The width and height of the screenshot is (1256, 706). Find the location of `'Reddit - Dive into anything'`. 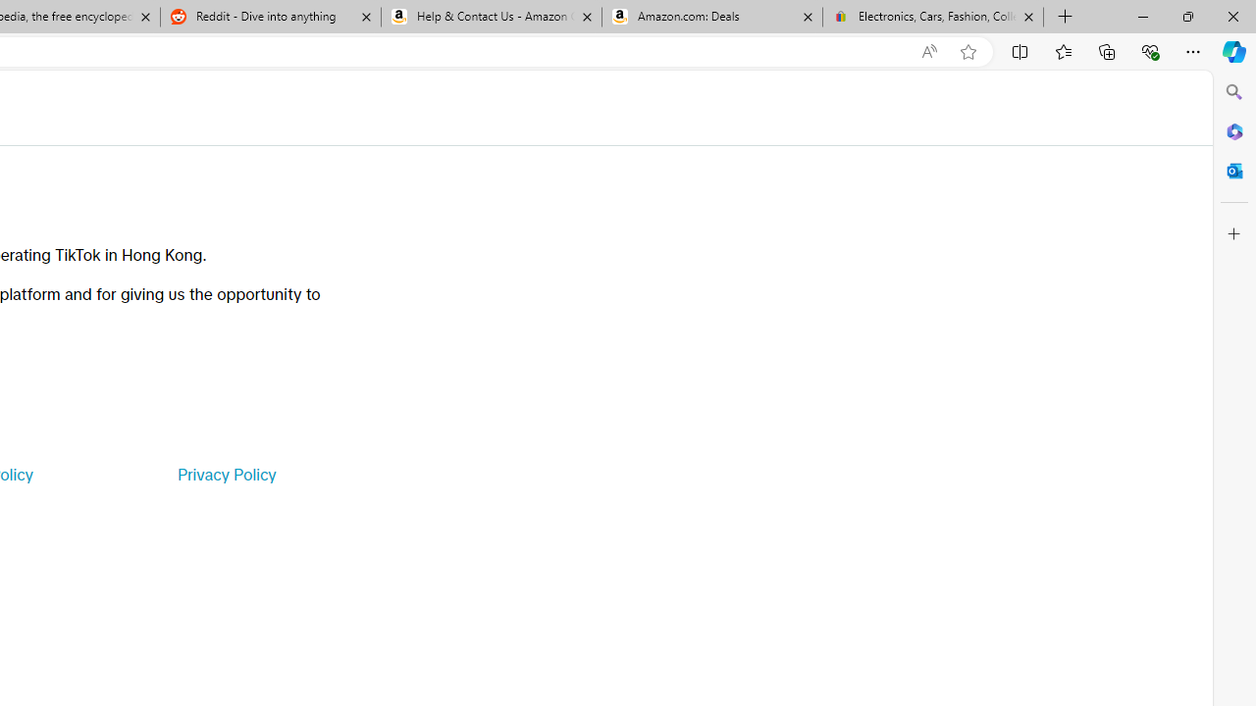

'Reddit - Dive into anything' is located at coordinates (269, 17).